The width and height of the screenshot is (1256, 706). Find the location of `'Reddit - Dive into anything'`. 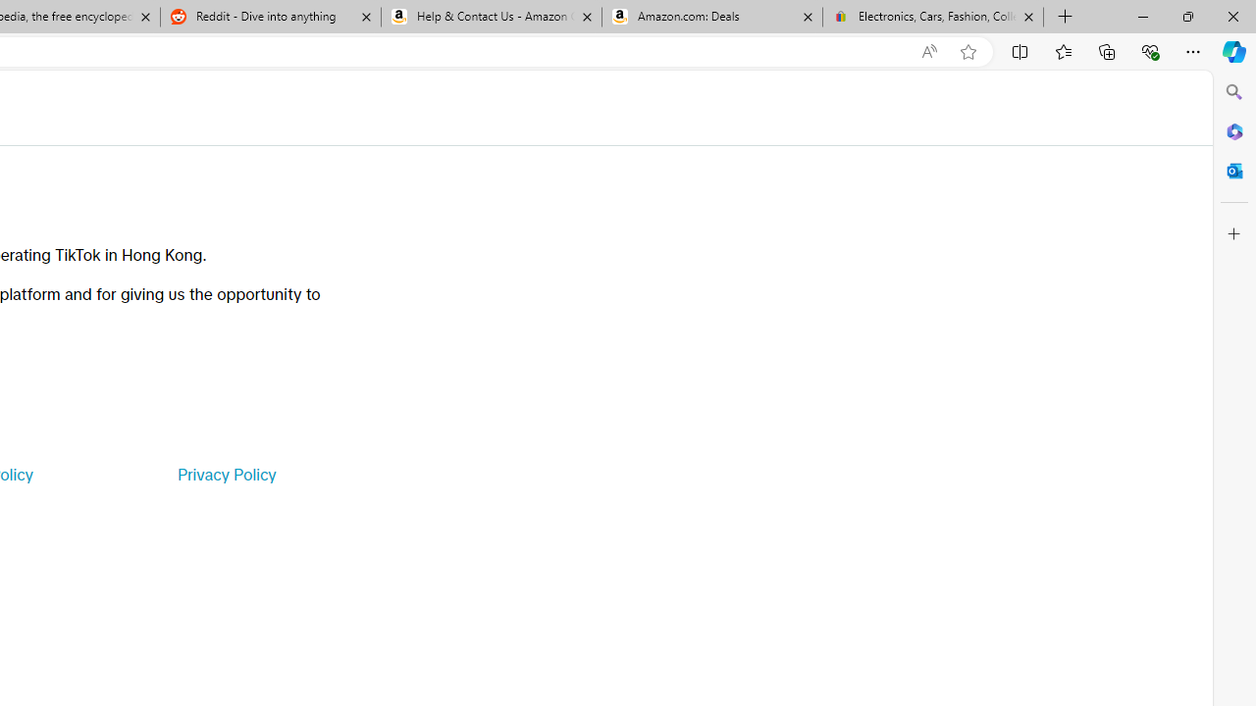

'Reddit - Dive into anything' is located at coordinates (269, 17).